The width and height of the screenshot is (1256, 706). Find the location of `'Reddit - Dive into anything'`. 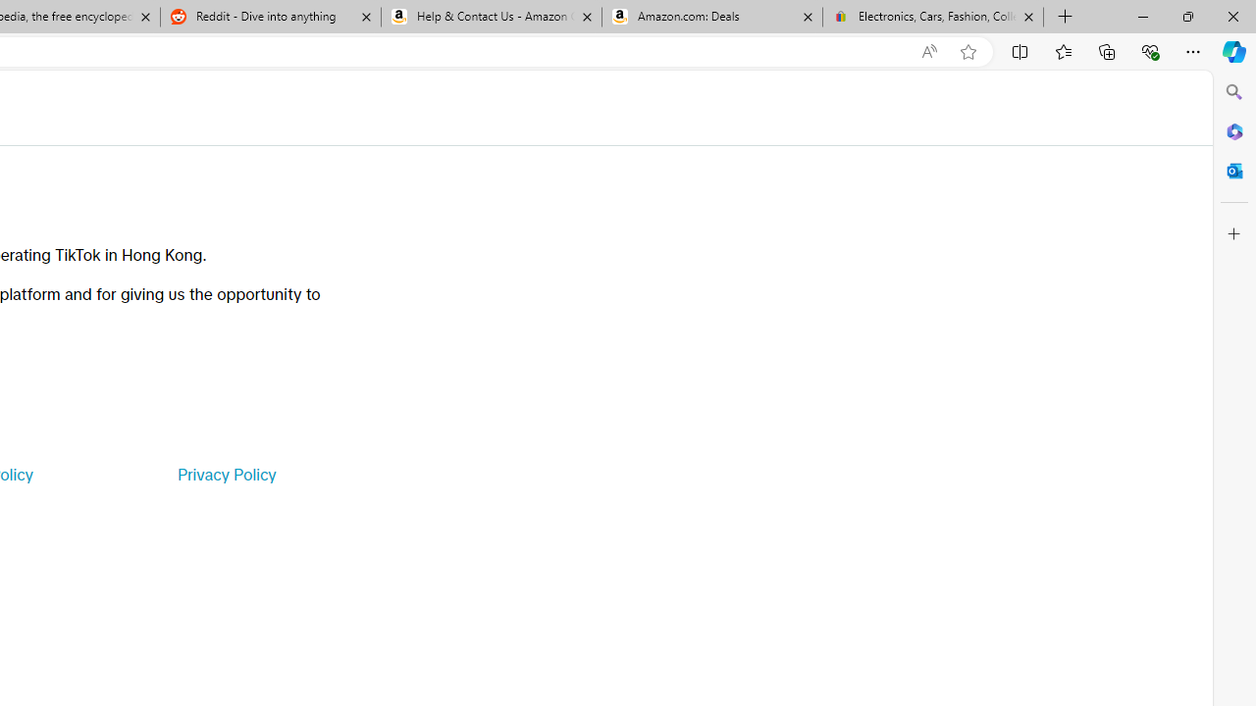

'Reddit - Dive into anything' is located at coordinates (269, 17).